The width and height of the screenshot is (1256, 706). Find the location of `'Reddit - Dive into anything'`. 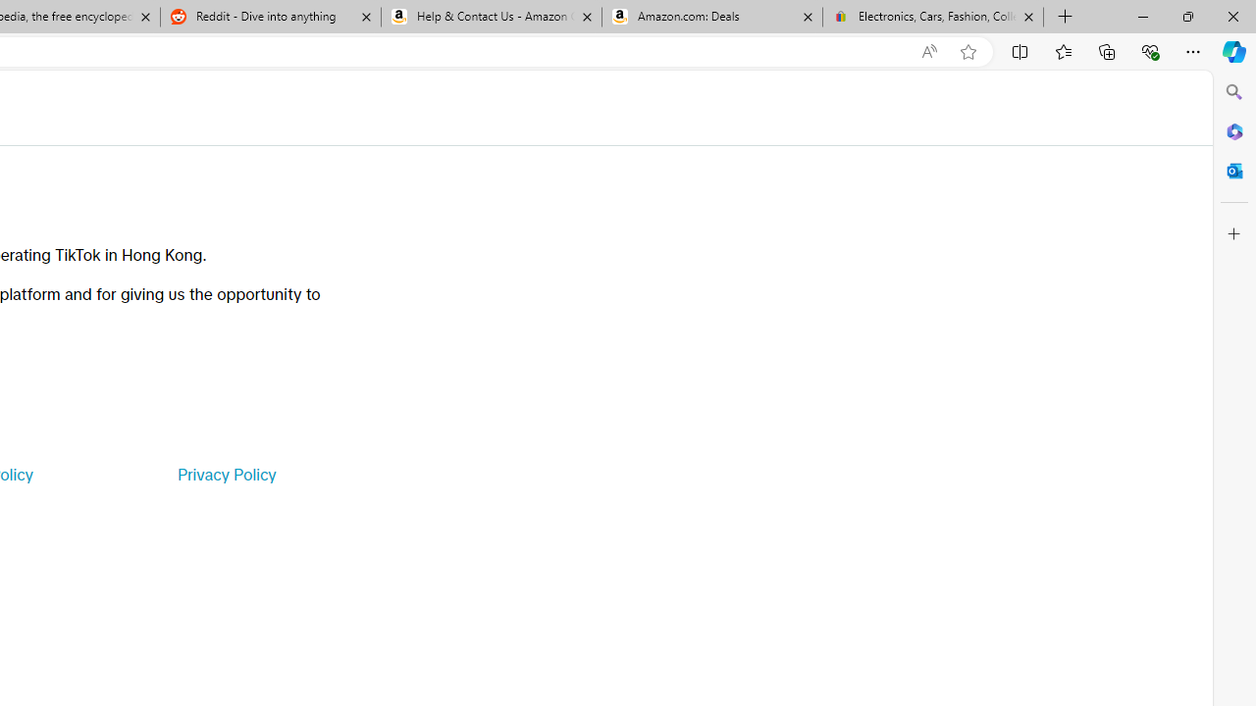

'Reddit - Dive into anything' is located at coordinates (269, 17).